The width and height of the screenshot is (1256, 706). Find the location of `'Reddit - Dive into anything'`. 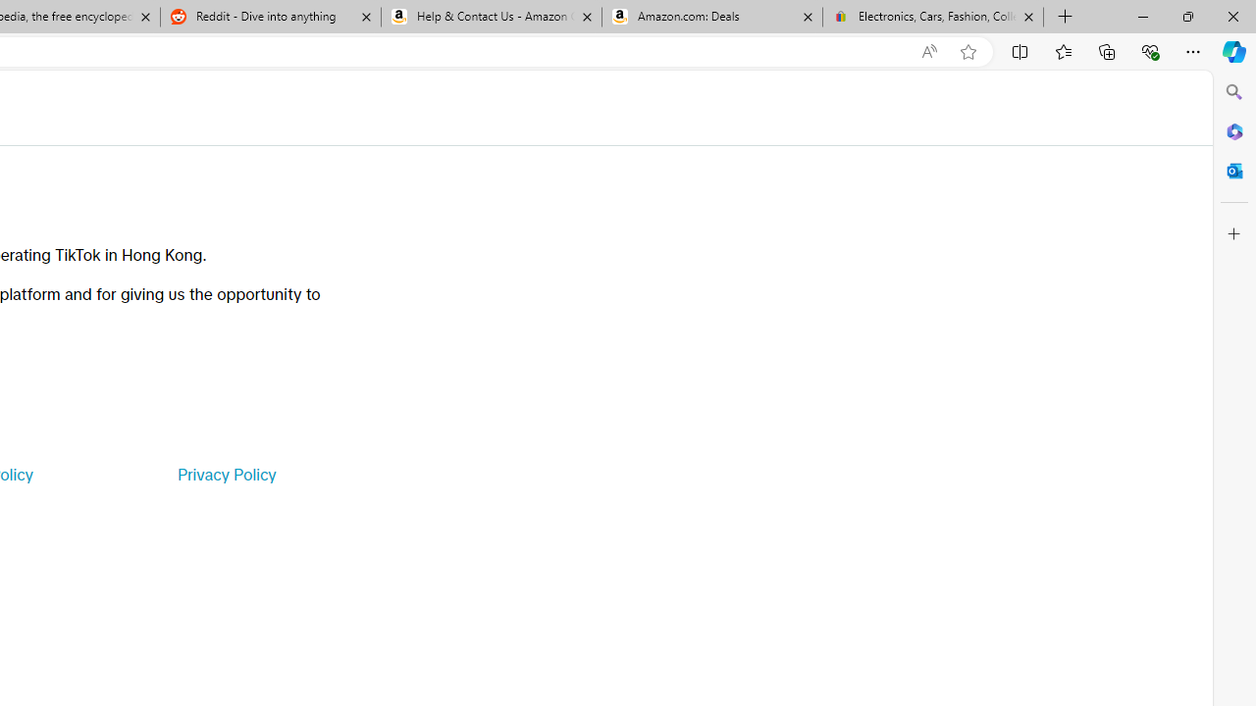

'Reddit - Dive into anything' is located at coordinates (269, 17).